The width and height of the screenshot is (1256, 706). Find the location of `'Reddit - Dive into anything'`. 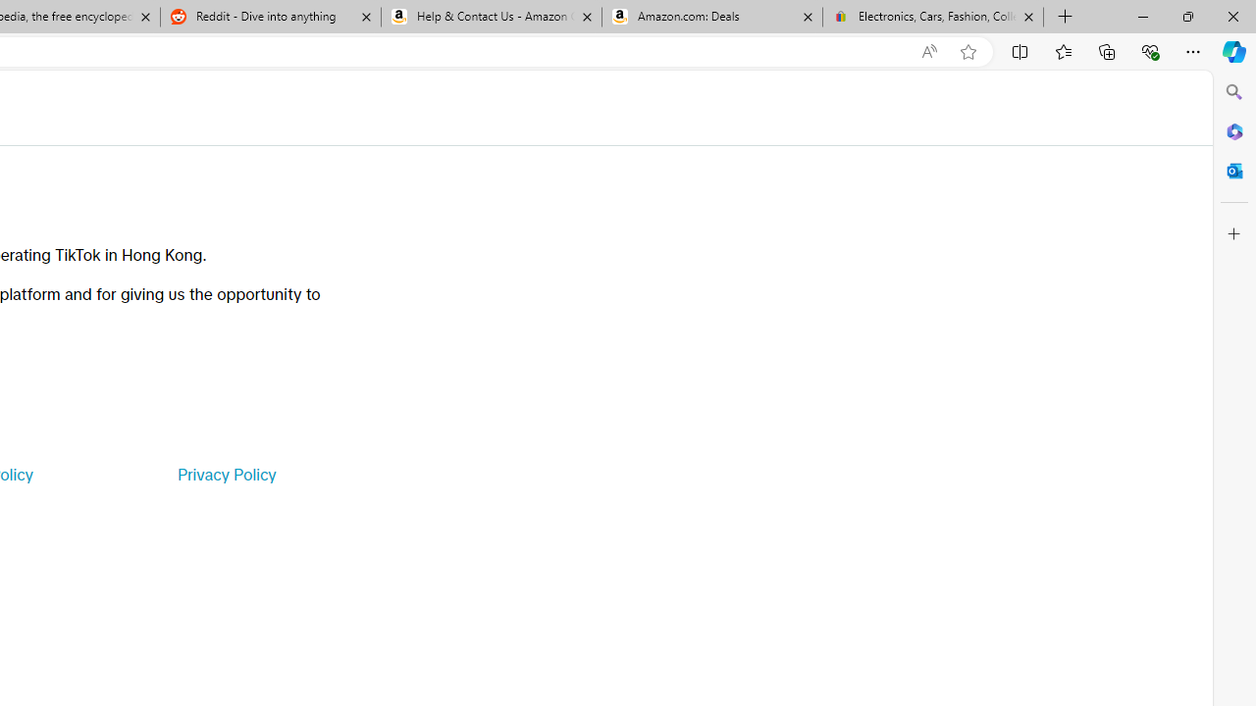

'Reddit - Dive into anything' is located at coordinates (269, 17).